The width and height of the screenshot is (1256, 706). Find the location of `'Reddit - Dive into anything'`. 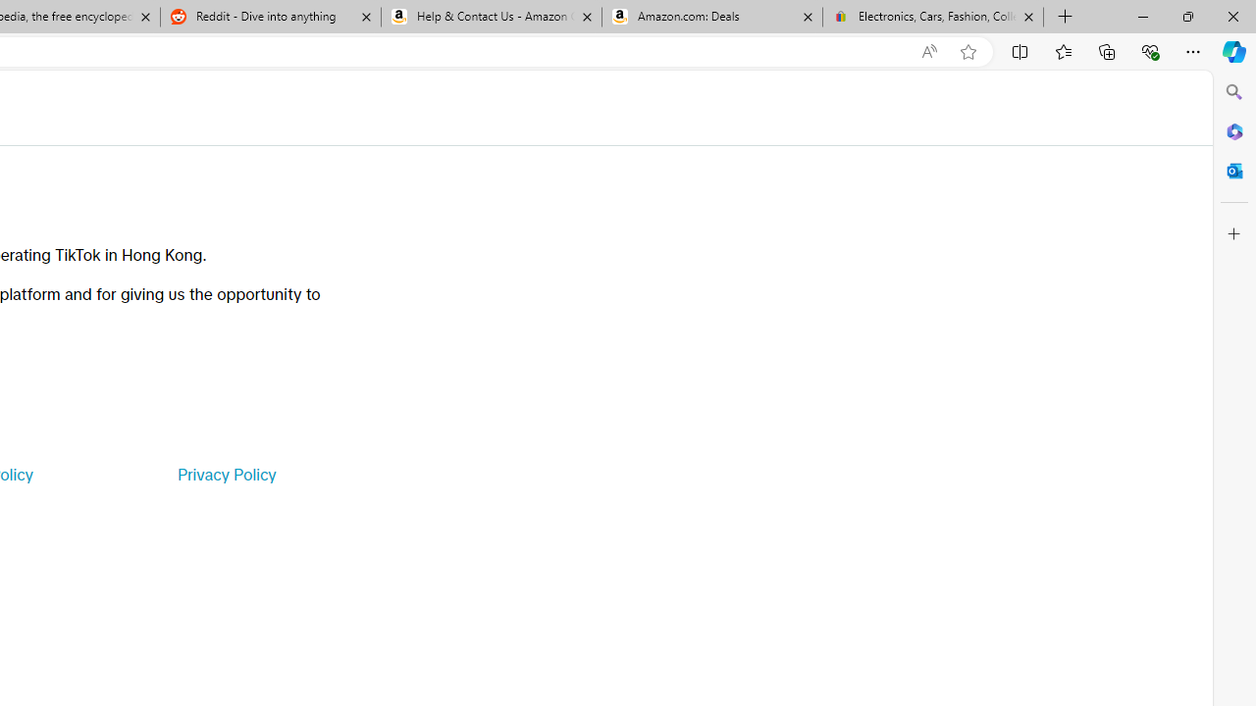

'Reddit - Dive into anything' is located at coordinates (269, 17).